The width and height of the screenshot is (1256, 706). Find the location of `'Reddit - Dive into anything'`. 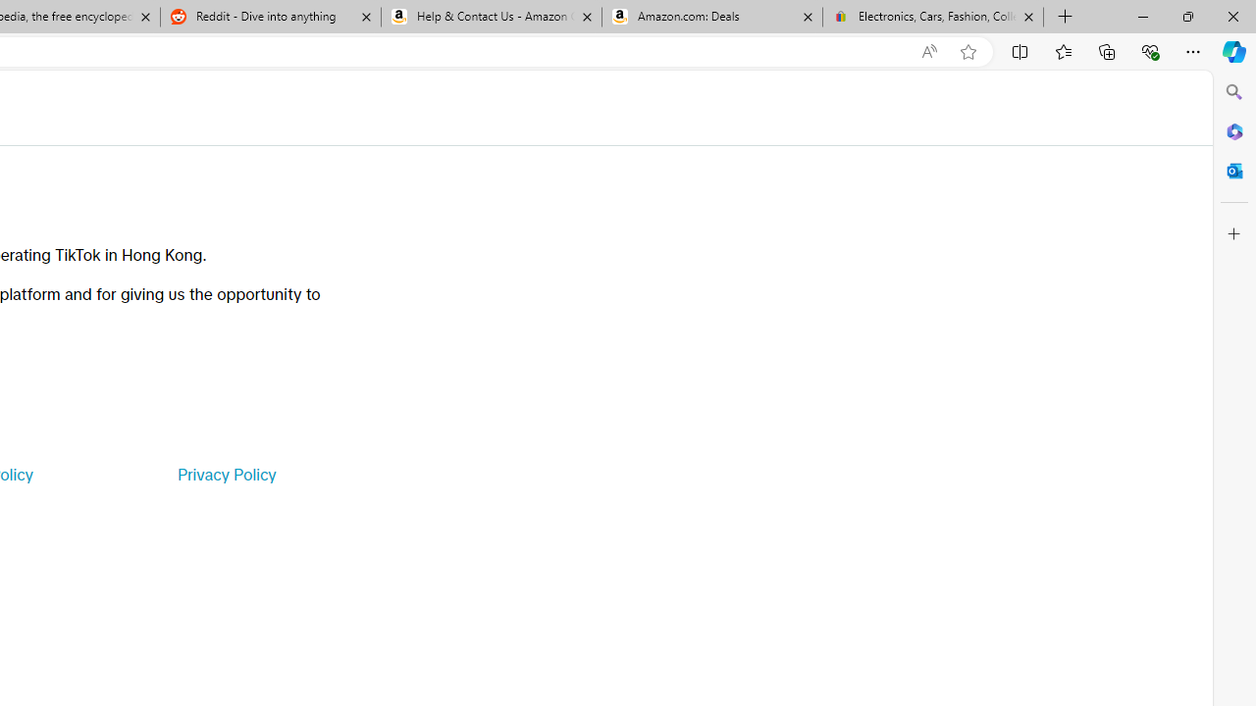

'Reddit - Dive into anything' is located at coordinates (269, 17).